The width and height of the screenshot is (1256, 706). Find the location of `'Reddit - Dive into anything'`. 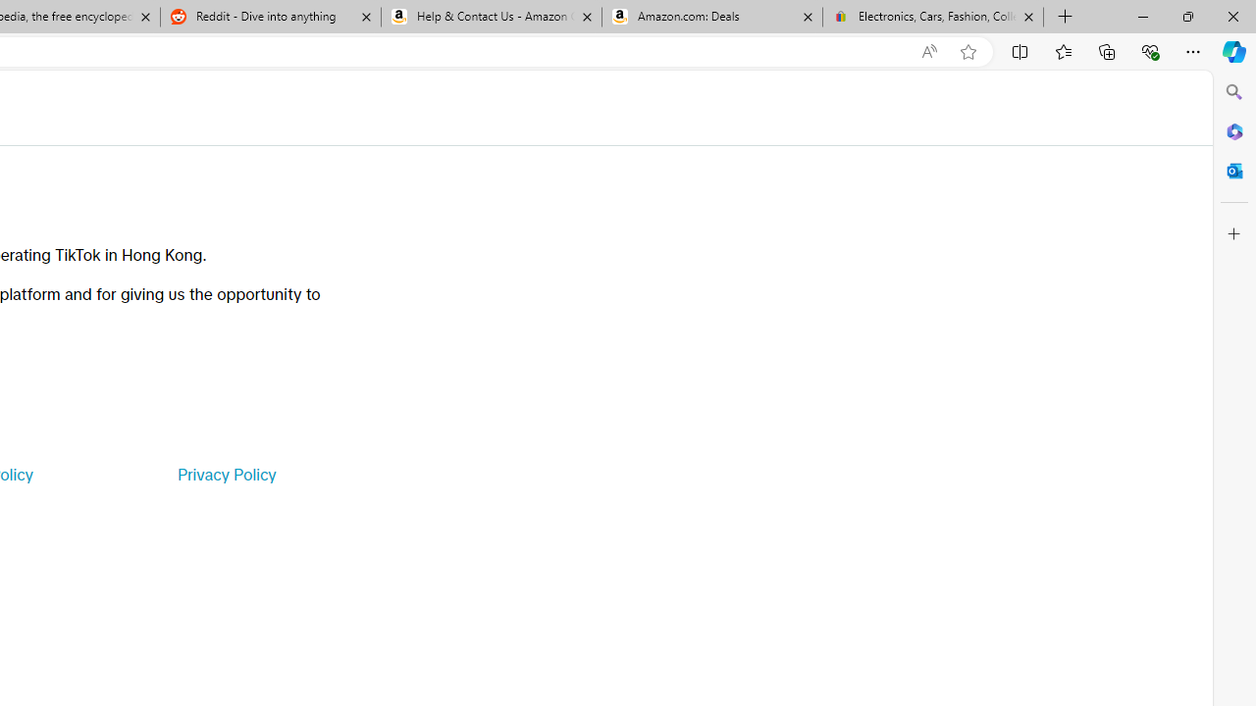

'Reddit - Dive into anything' is located at coordinates (269, 17).